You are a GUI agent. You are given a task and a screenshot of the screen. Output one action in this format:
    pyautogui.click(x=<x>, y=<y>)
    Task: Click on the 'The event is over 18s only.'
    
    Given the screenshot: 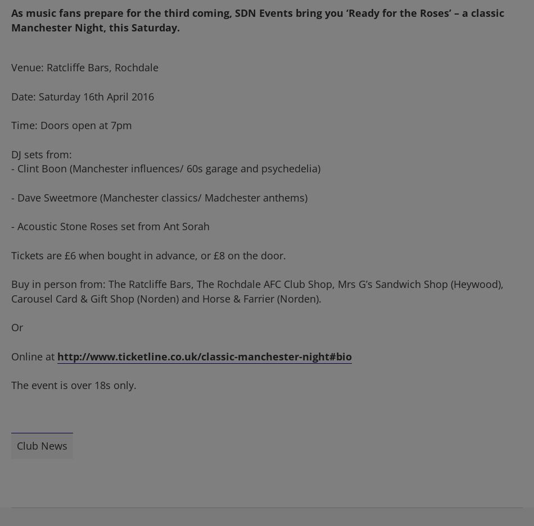 What is the action you would take?
    pyautogui.click(x=75, y=384)
    